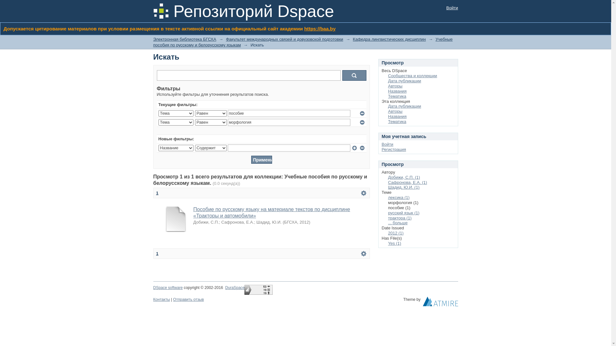  What do you see at coordinates (157, 193) in the screenshot?
I see `'1'` at bounding box center [157, 193].